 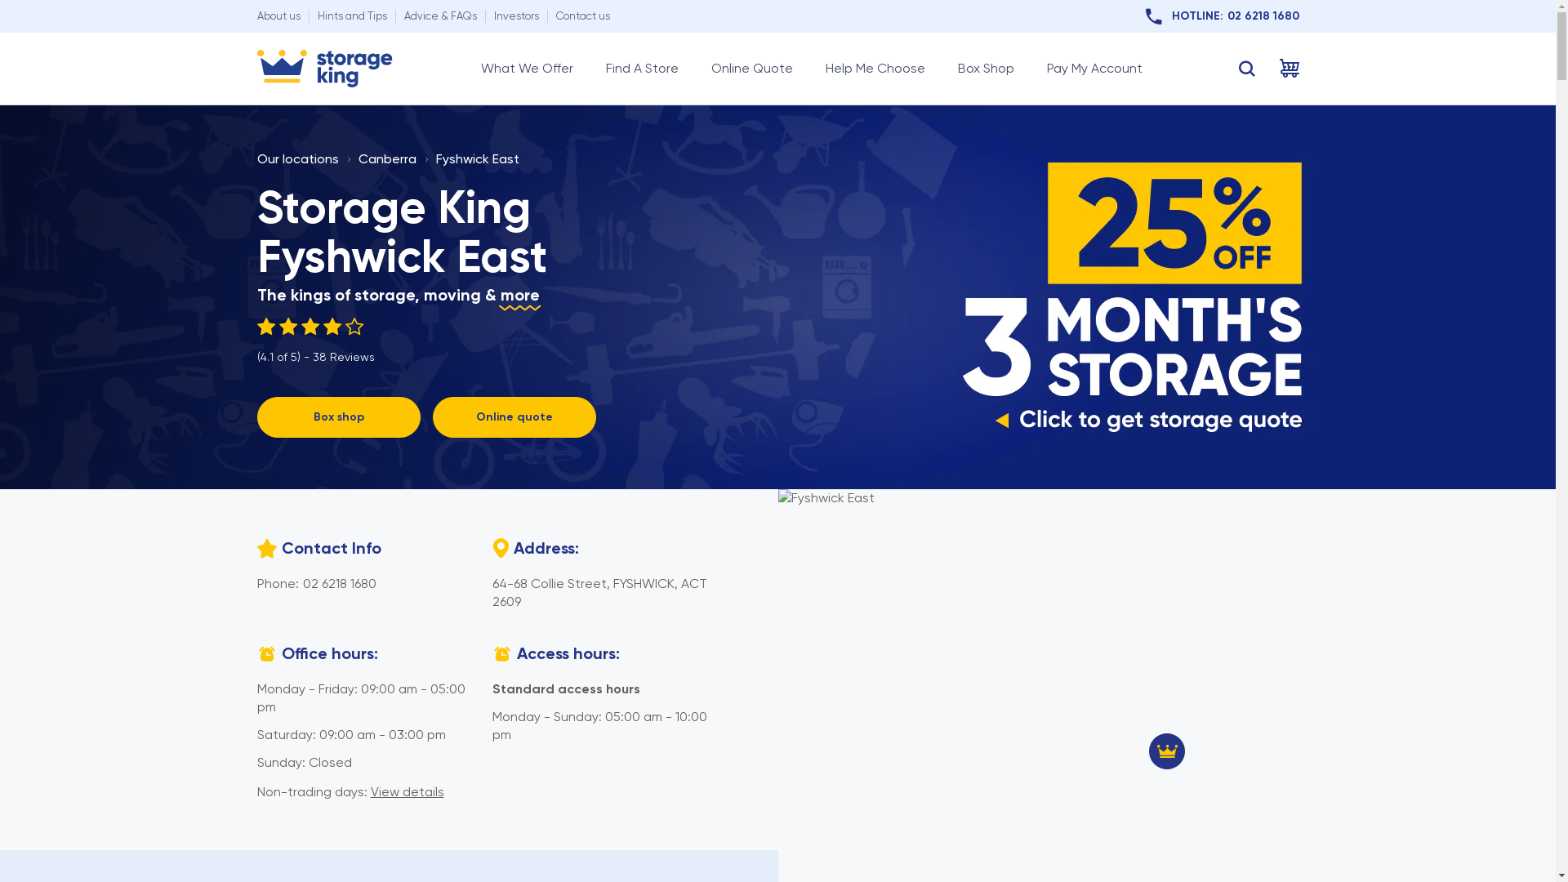 I want to click on 'What We Offer', so click(x=526, y=68).